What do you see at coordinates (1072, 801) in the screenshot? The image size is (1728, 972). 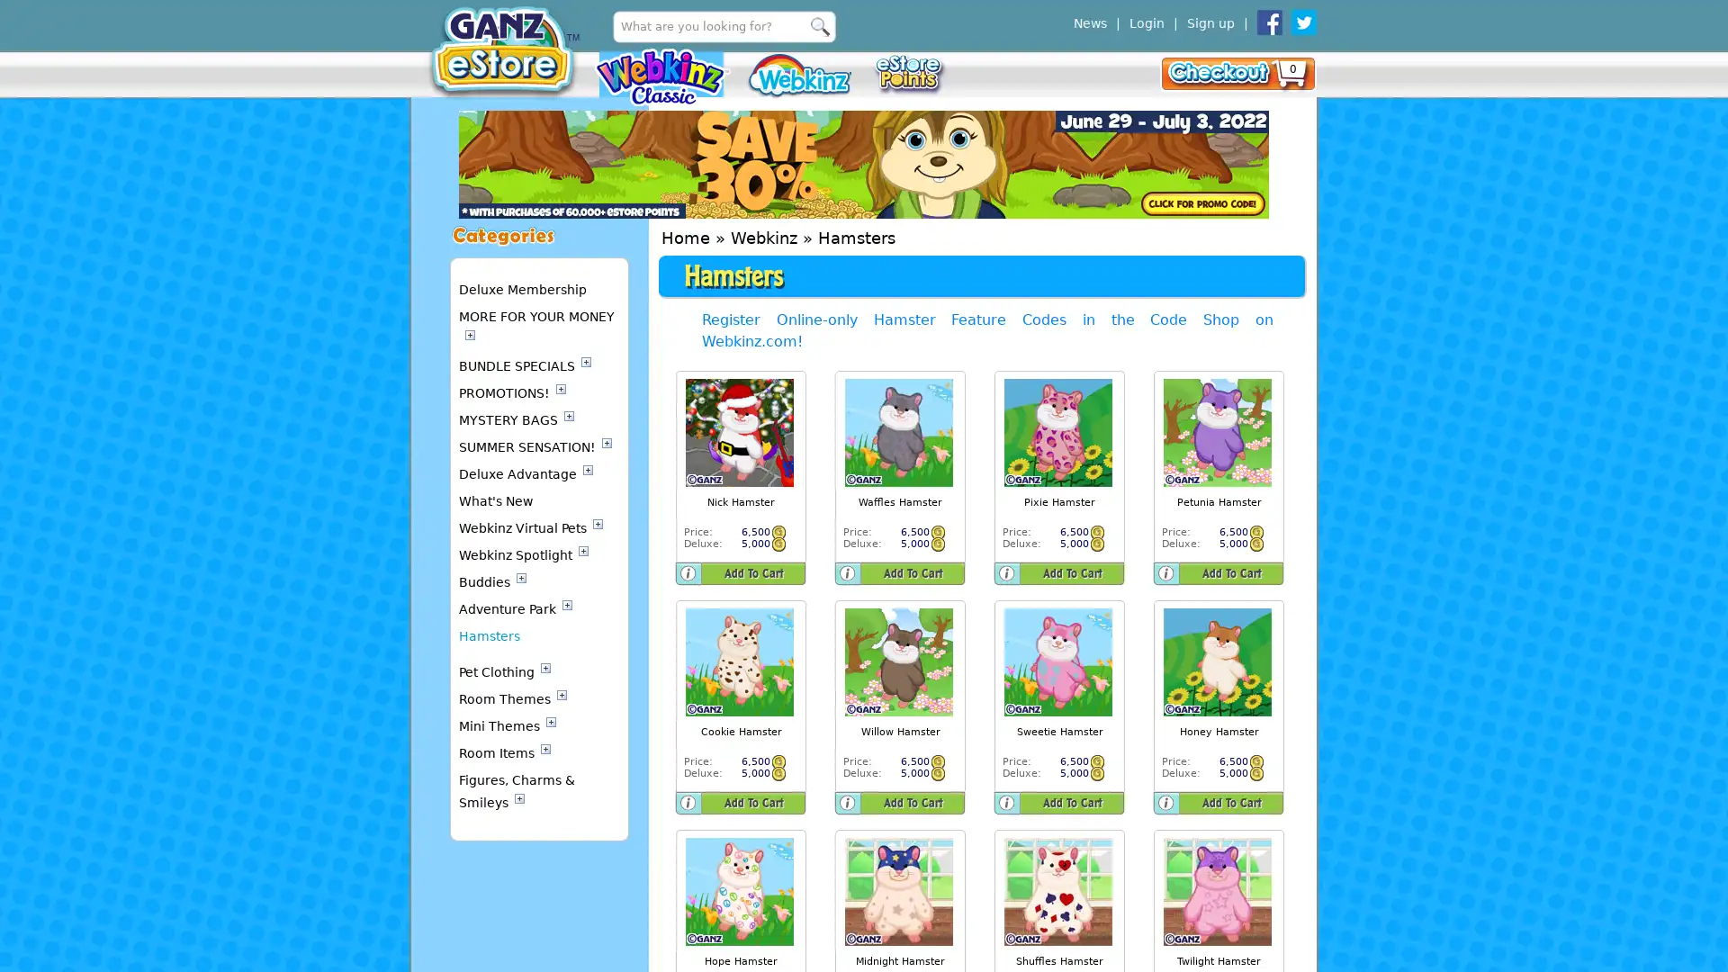 I see `Add To Cart` at bounding box center [1072, 801].